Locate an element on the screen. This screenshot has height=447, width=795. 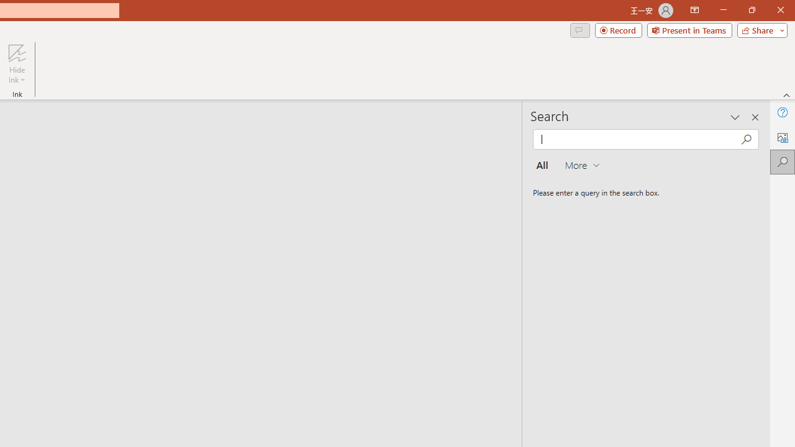
'Hide Ink' is located at coordinates (17, 52).